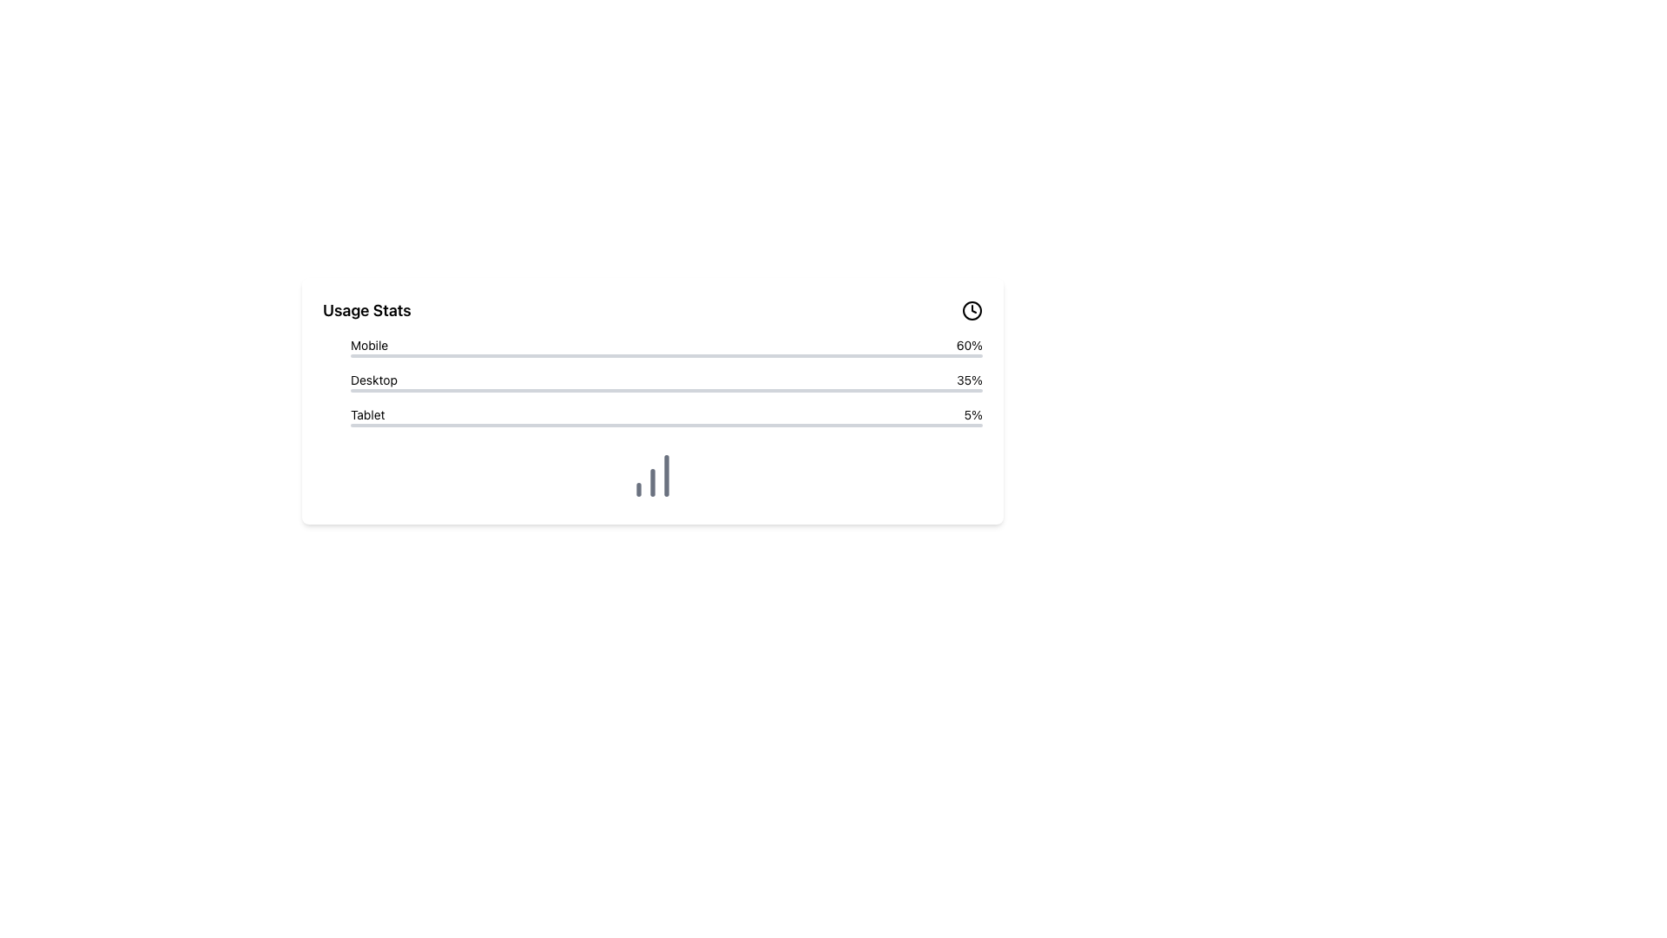  What do you see at coordinates (652, 380) in the screenshot?
I see `the Horizontal Bar Chart element labeled 'Desktop', which shows a progress bar indicating 35% usage, located in the middle of the metrics section` at bounding box center [652, 380].